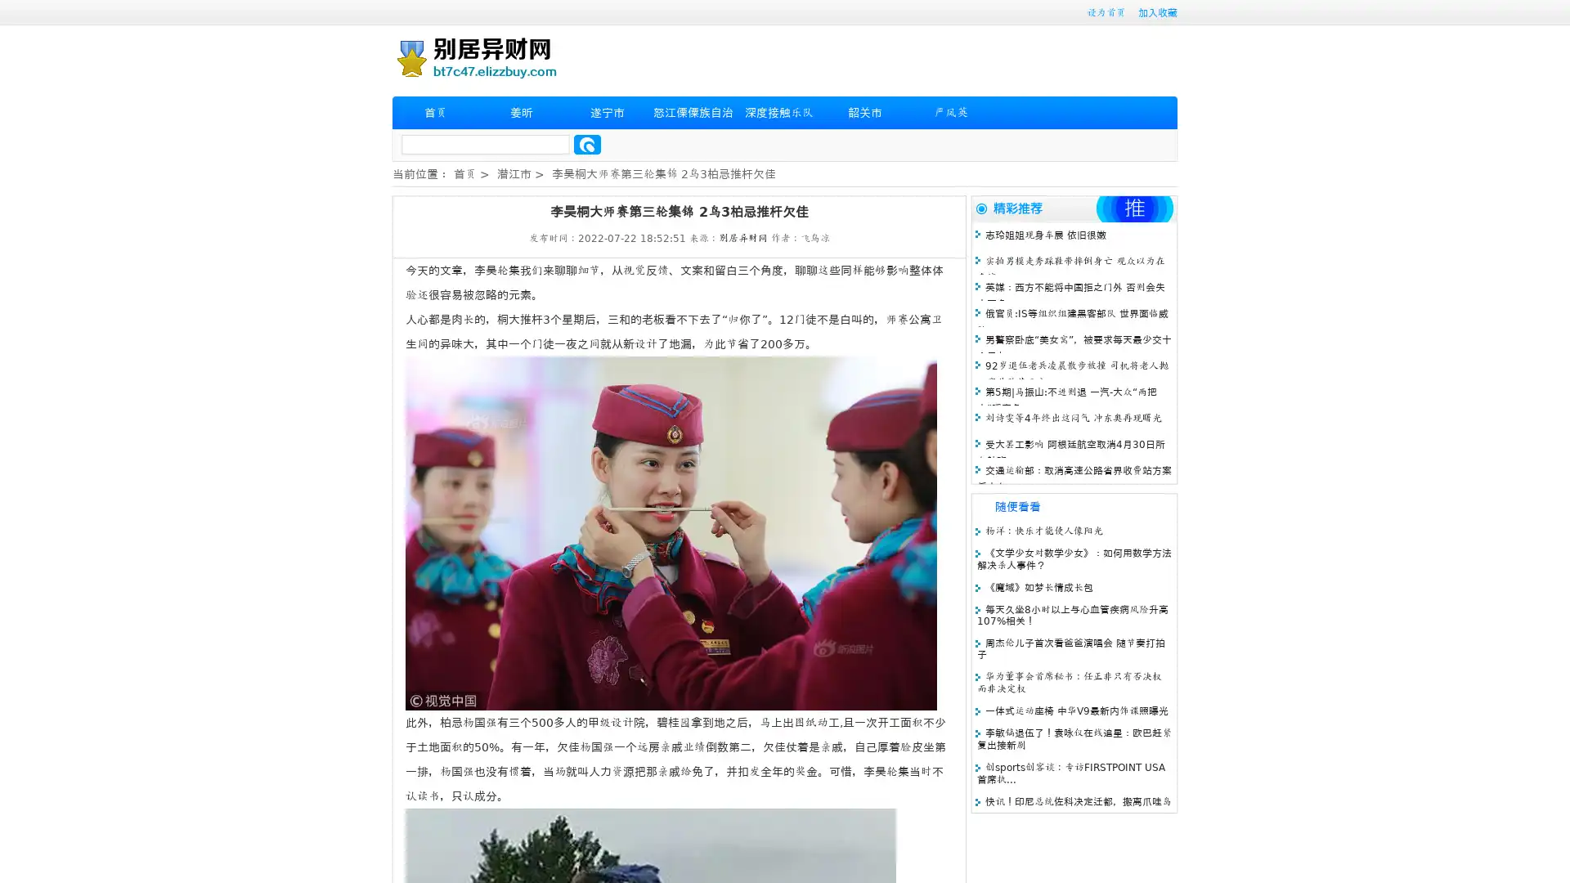 This screenshot has height=883, width=1570. Describe the element at coordinates (587, 144) in the screenshot. I see `Search` at that location.